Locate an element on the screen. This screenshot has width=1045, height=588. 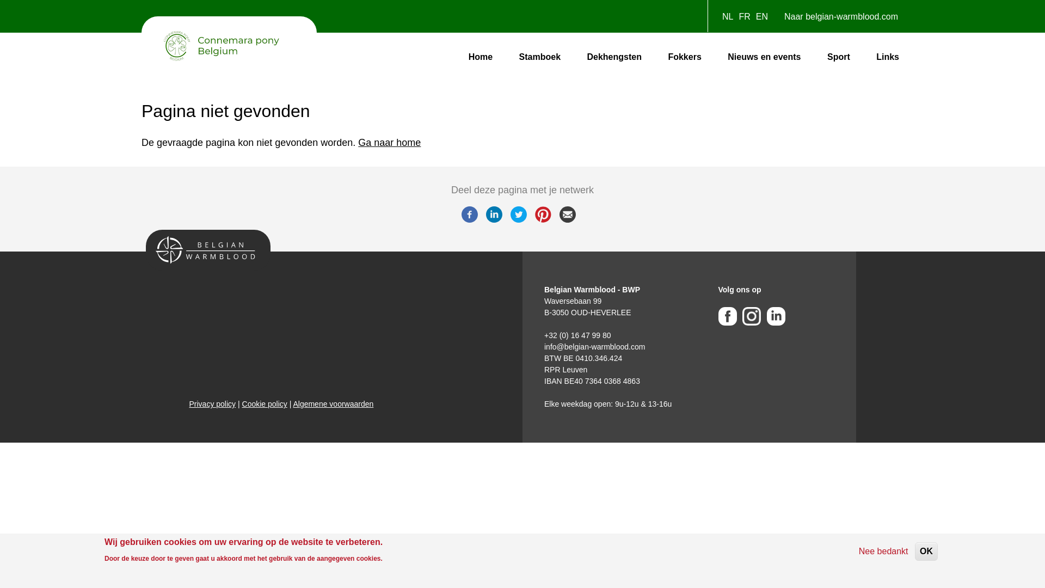
'EN' is located at coordinates (761, 16).